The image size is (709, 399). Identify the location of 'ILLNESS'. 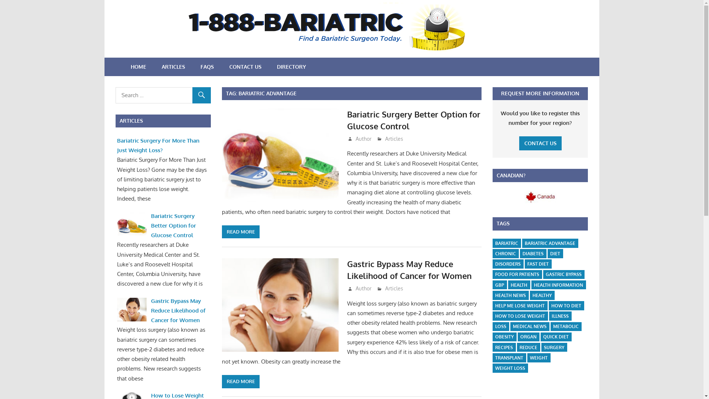
(560, 316).